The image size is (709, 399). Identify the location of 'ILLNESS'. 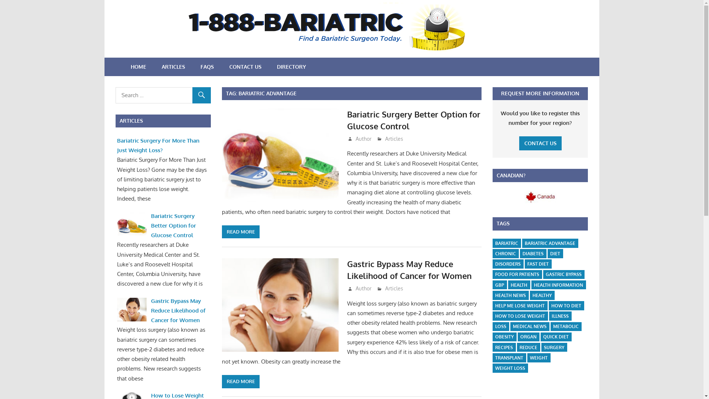
(560, 316).